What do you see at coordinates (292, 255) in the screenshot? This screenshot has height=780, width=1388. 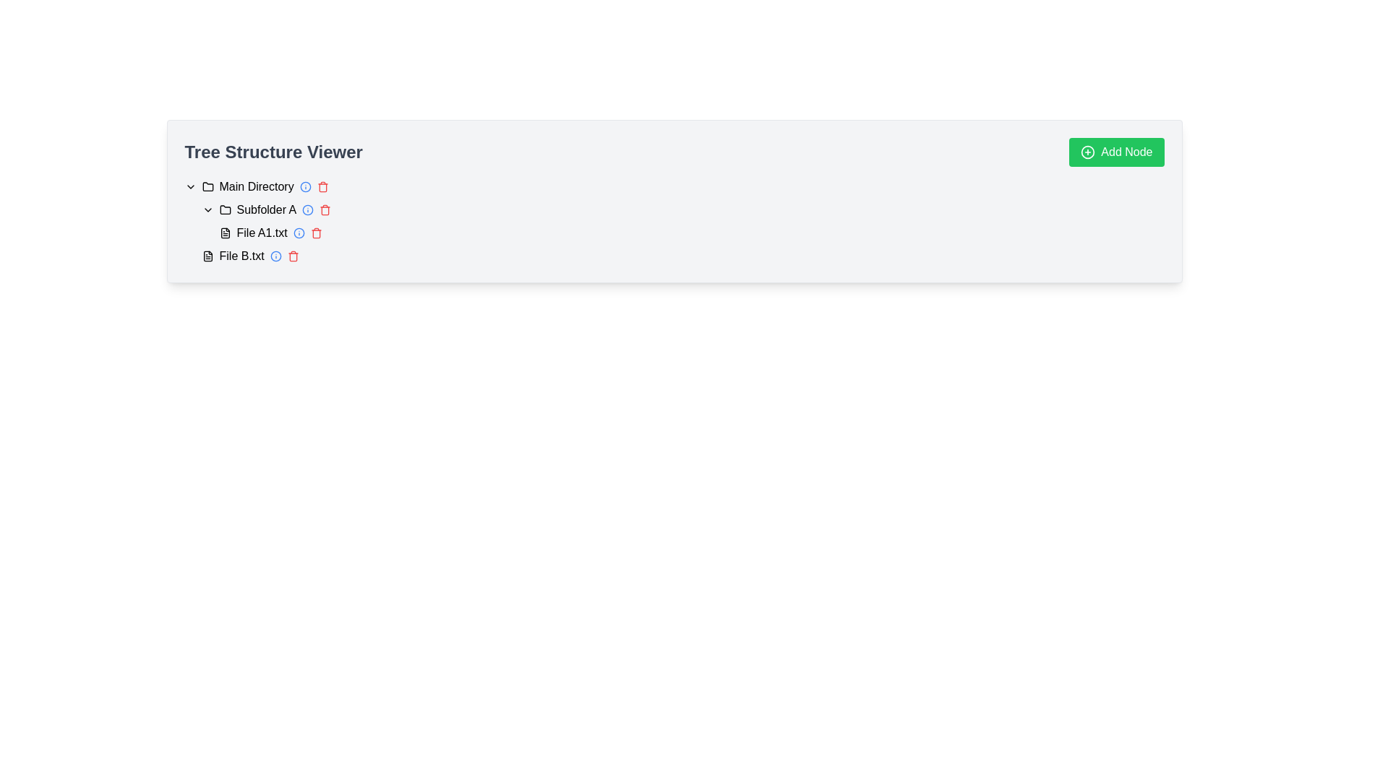 I see `the delete icon located to the right of 'File B.txt' in the file listing` at bounding box center [292, 255].